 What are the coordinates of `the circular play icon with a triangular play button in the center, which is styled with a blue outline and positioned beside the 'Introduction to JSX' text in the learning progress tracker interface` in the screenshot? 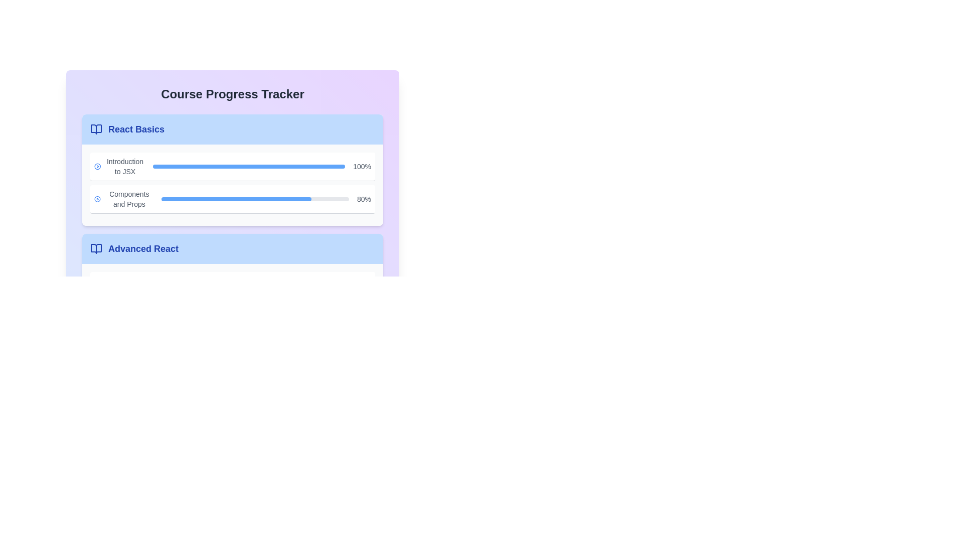 It's located at (97, 166).